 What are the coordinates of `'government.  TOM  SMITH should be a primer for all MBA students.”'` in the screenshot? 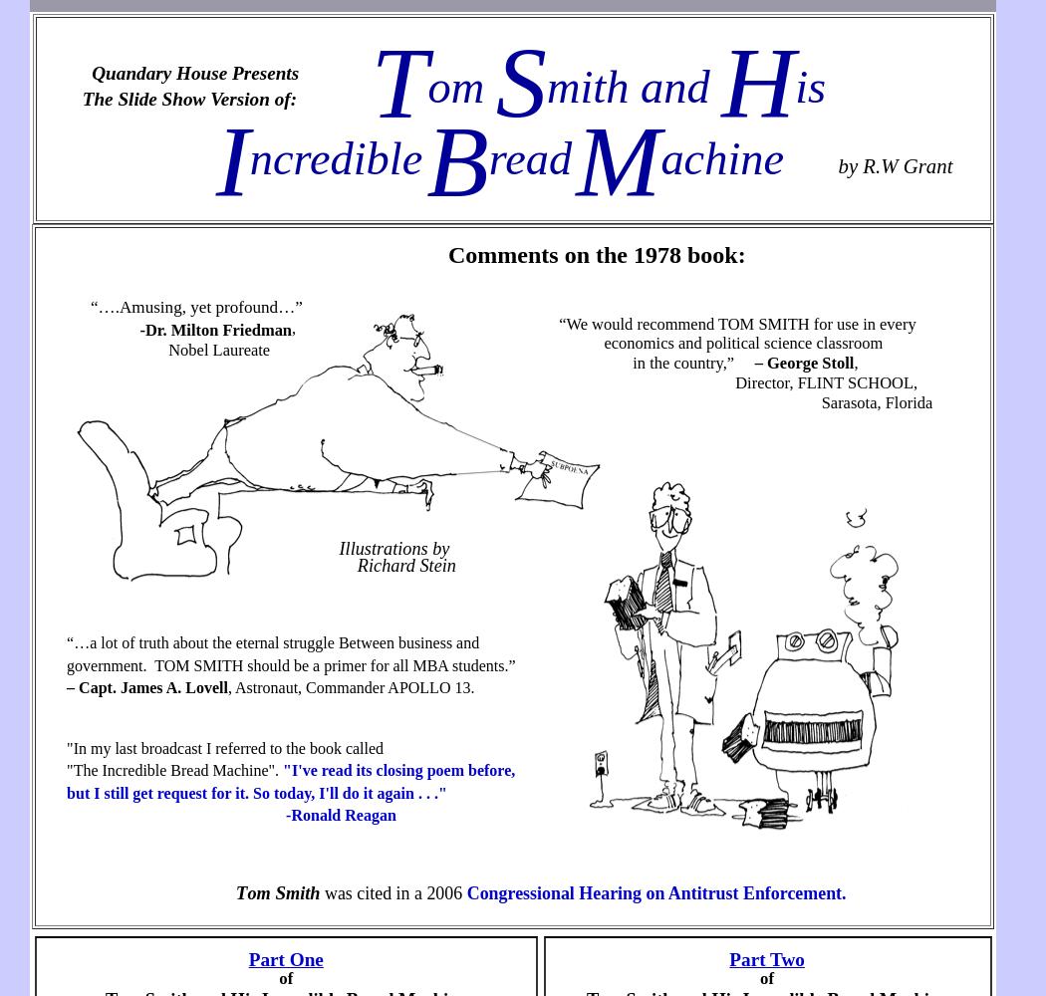 It's located at (290, 664).